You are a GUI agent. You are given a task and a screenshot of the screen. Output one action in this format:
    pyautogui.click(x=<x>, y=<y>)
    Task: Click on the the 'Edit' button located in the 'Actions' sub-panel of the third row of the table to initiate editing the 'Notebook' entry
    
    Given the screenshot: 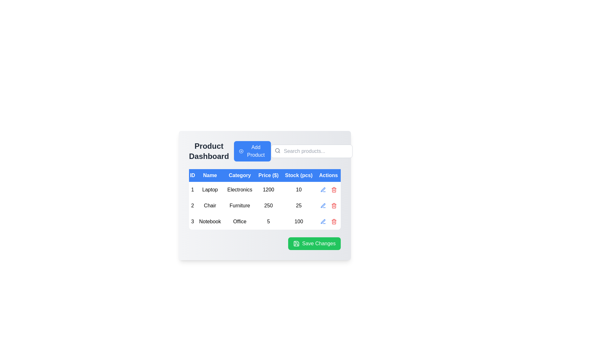 What is the action you would take?
    pyautogui.click(x=323, y=221)
    